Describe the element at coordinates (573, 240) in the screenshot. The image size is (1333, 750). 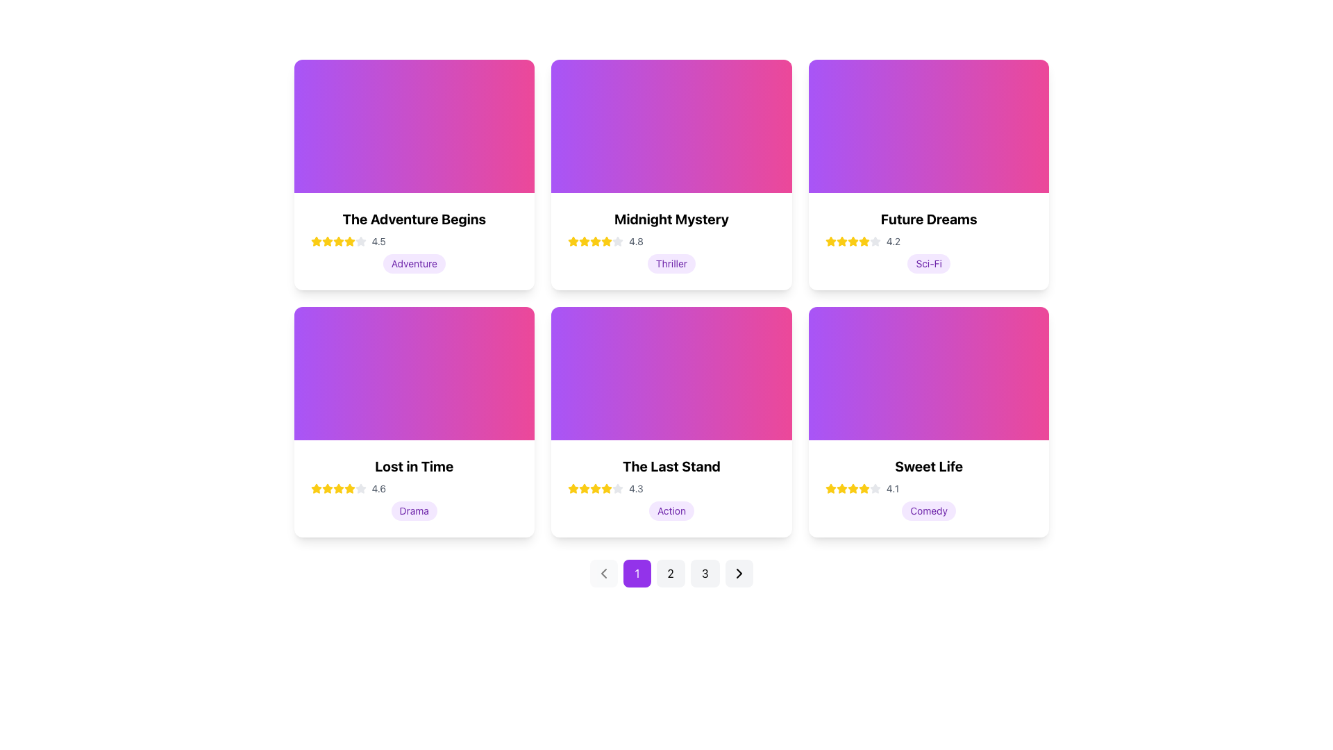
I see `the second star icon in the rating system on the 'Midnight Mystery' card to interact with it` at that location.